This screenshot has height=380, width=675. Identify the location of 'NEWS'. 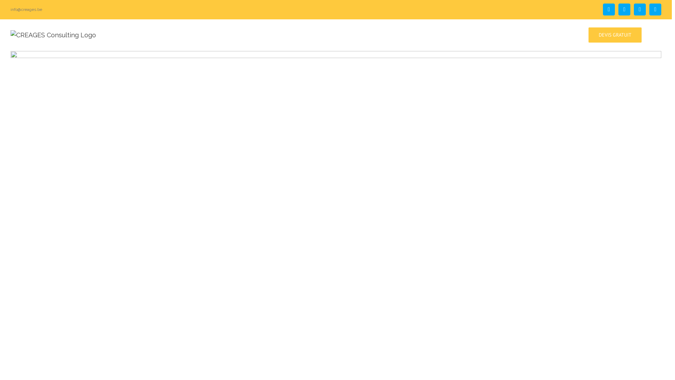
(534, 34).